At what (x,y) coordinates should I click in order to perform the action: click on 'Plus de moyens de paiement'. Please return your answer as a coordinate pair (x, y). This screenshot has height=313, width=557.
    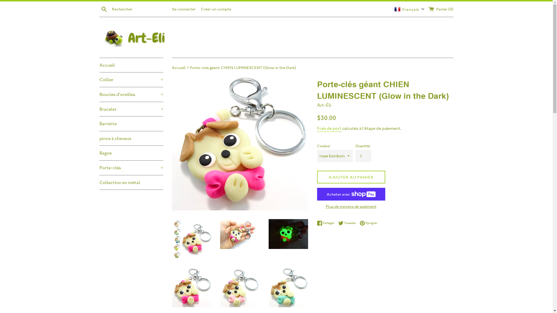
    Looking at the image, I should click on (350, 206).